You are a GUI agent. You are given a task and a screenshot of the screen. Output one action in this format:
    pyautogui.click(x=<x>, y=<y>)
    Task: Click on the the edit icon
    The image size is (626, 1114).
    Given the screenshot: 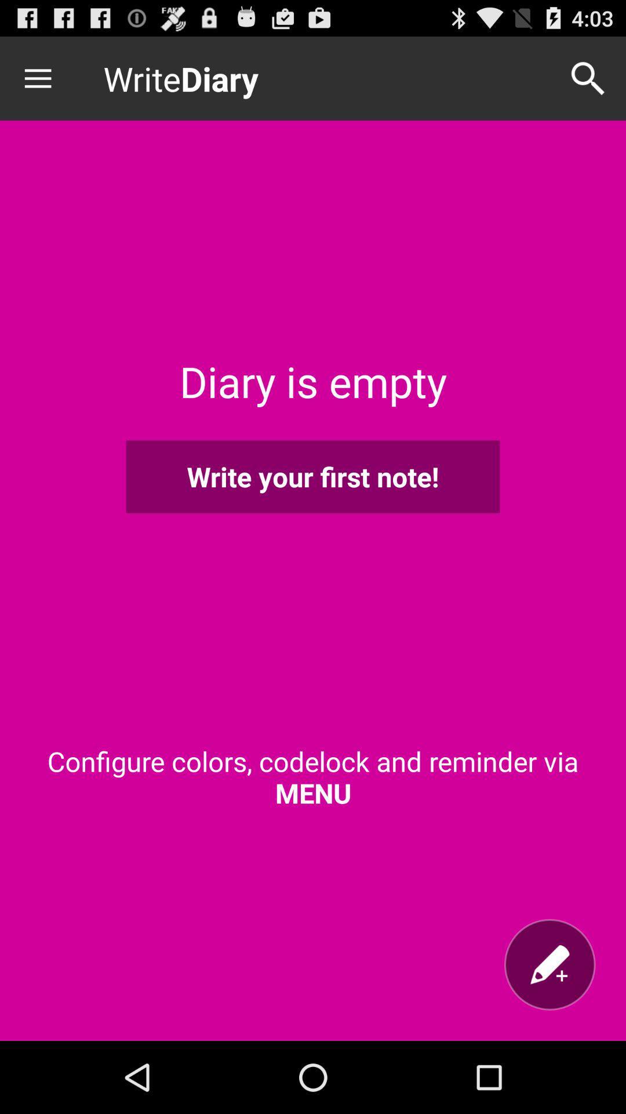 What is the action you would take?
    pyautogui.click(x=549, y=1032)
    